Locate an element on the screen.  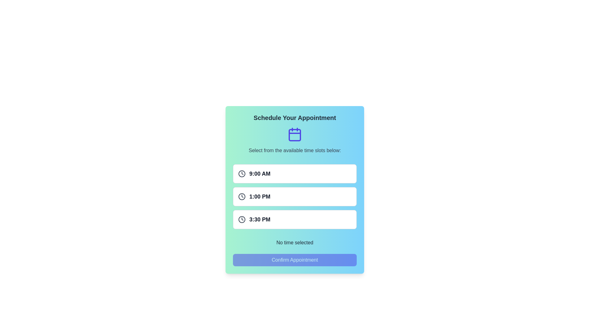
the 1:00 PM time slot button, which is the second item in the list of selectable time slots, positioned directly beneath the '9:00 AM' slot is located at coordinates (295, 197).